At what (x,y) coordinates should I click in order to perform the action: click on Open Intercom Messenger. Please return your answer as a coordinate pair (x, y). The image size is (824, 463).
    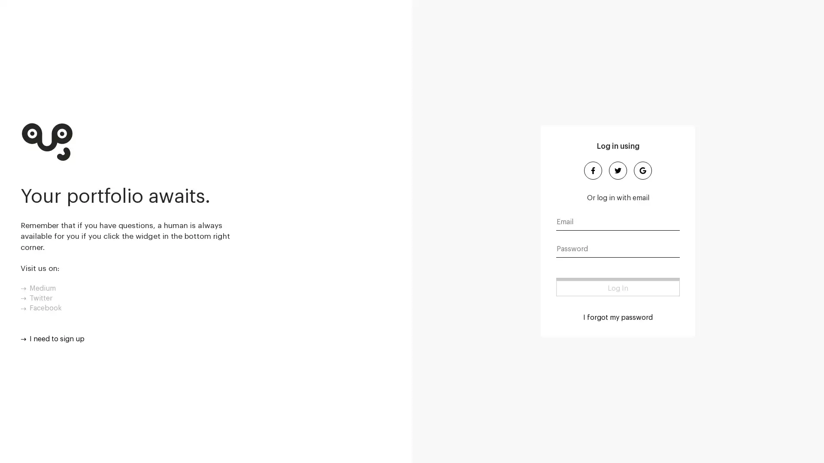
    Looking at the image, I should click on (802, 441).